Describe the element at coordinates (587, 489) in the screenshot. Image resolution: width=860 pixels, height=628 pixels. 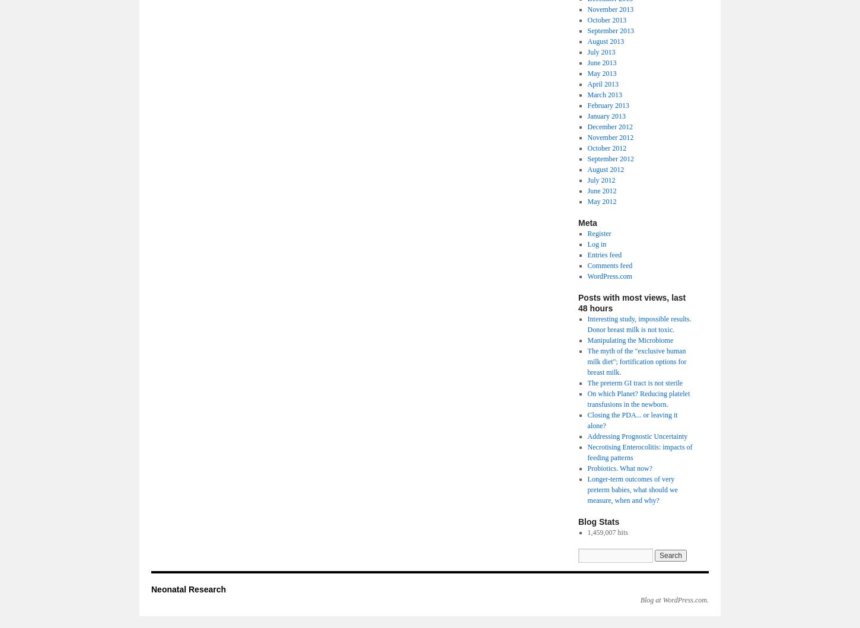
I see `'Longer-term outcomes of very preterm babies, what should we measure, when and why?'` at that location.